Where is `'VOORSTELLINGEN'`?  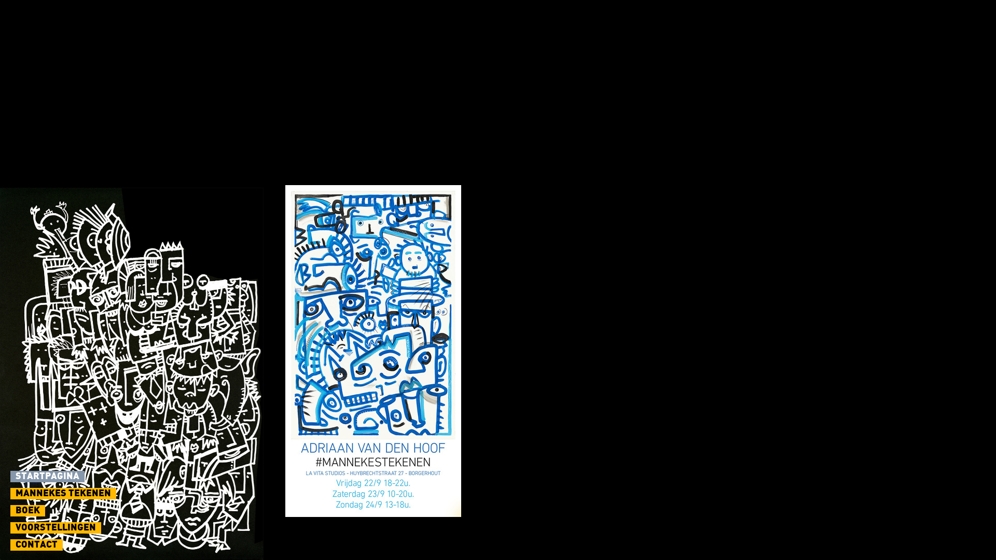
'VOORSTELLINGEN' is located at coordinates (55, 528).